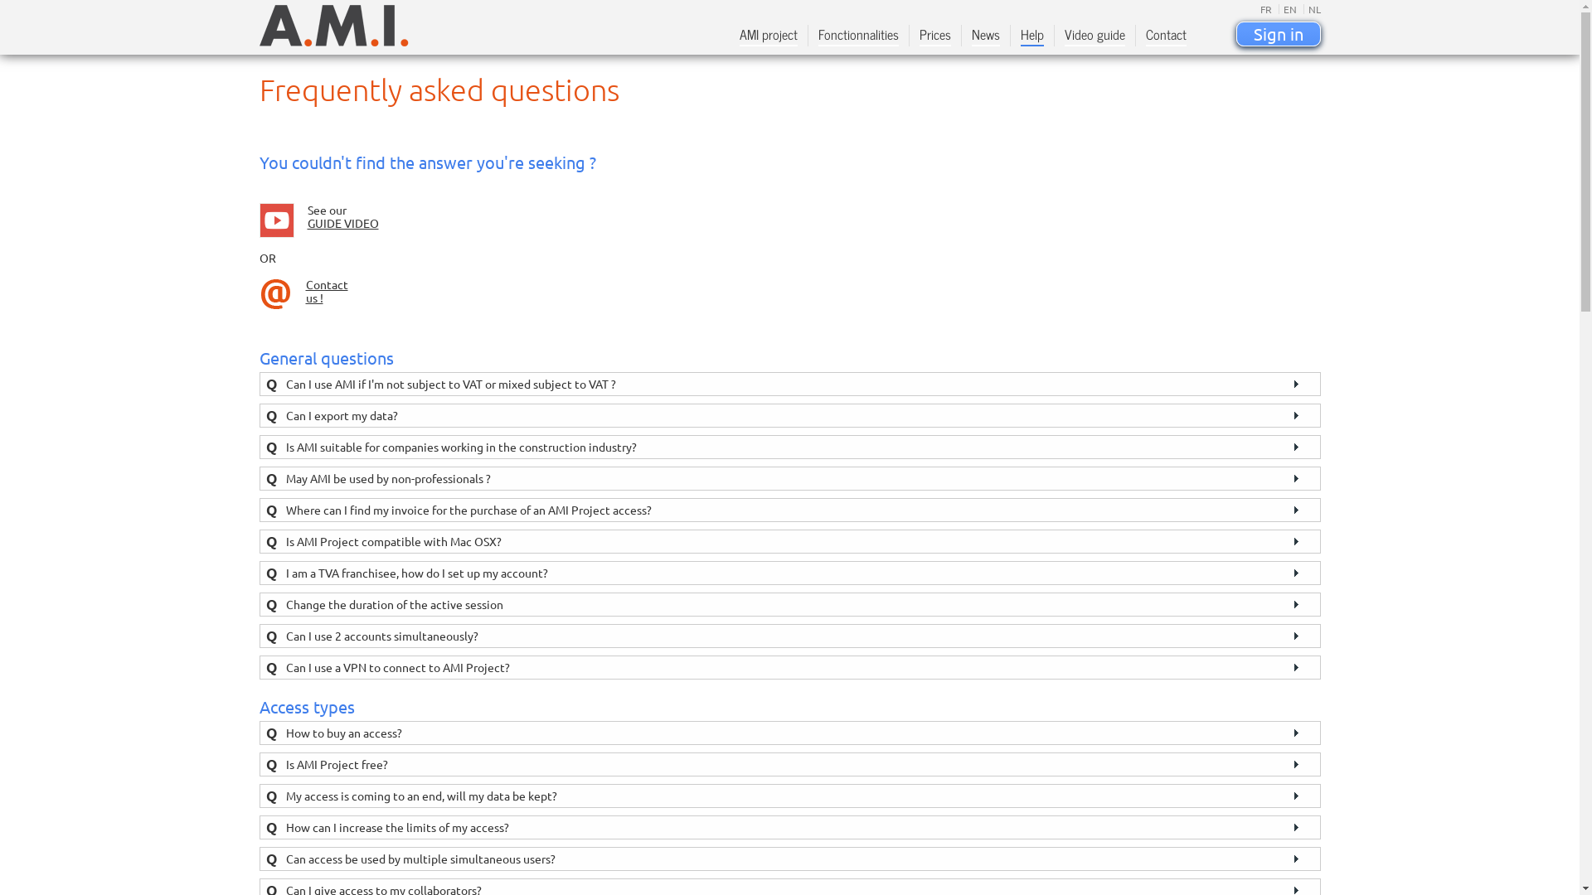  I want to click on 'Video guide', so click(1094, 36).